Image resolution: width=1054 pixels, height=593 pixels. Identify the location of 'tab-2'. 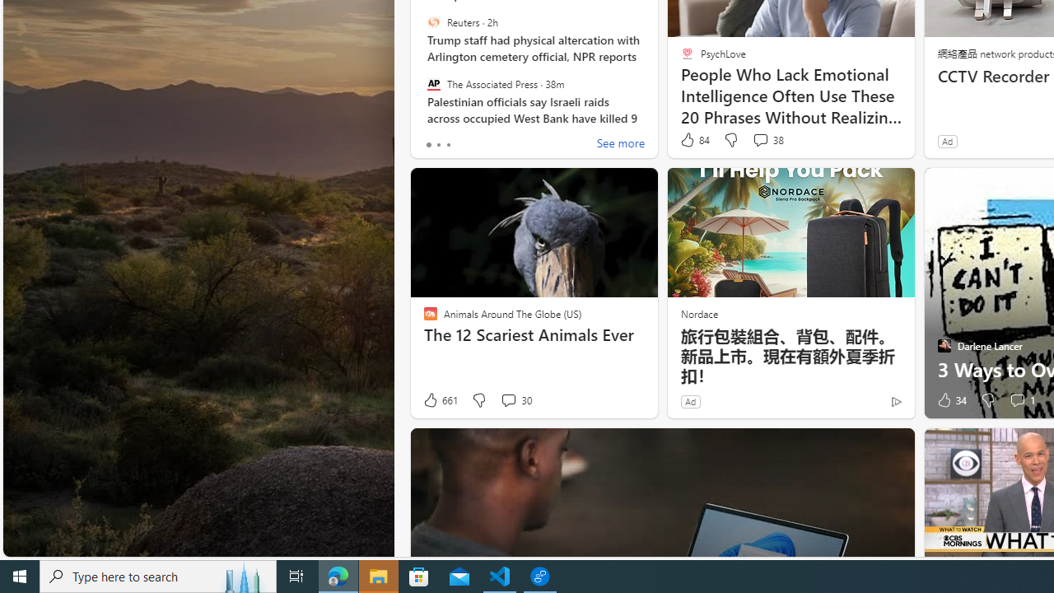
(448, 144).